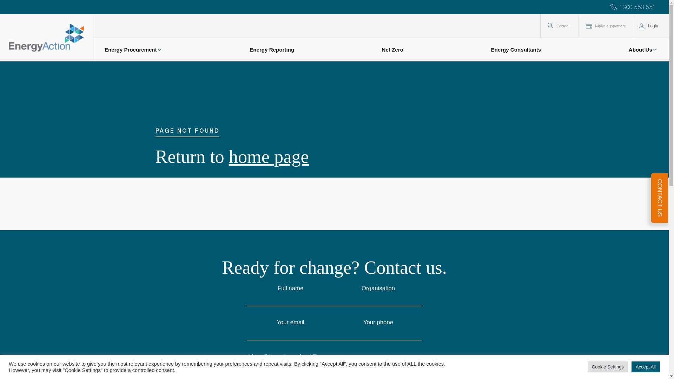 Image resolution: width=674 pixels, height=379 pixels. Describe the element at coordinates (646, 366) in the screenshot. I see `'Accept All'` at that location.